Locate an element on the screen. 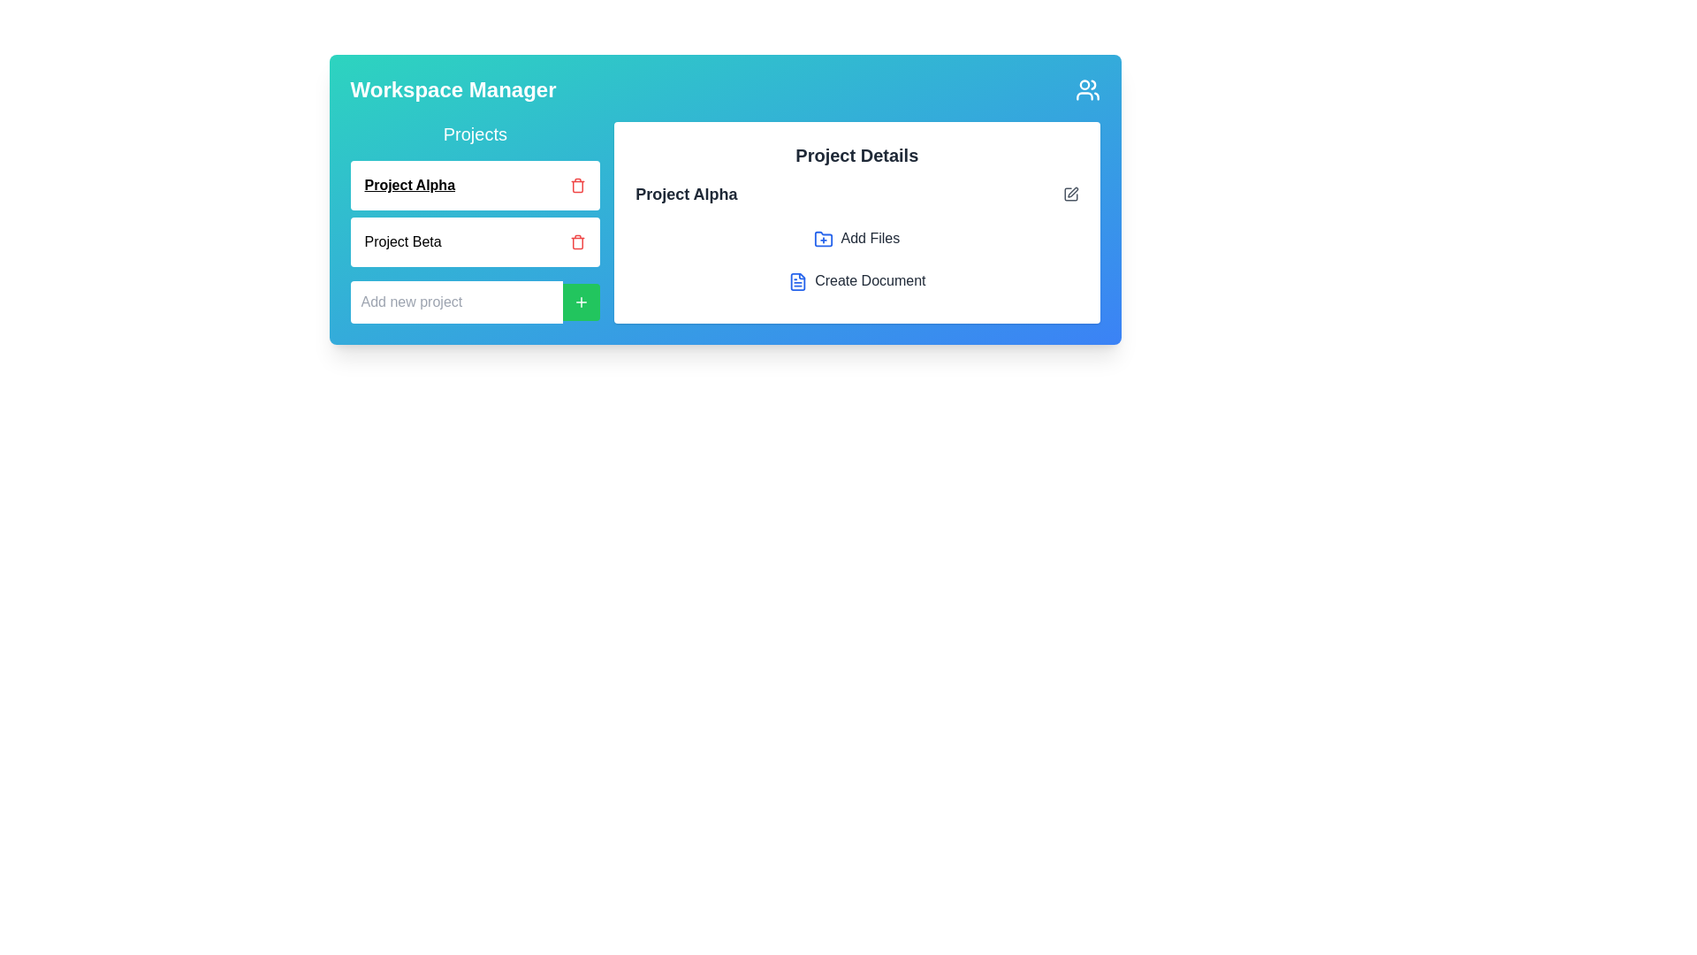  the green square button containing the compact plus icon is located at coordinates (582, 302).